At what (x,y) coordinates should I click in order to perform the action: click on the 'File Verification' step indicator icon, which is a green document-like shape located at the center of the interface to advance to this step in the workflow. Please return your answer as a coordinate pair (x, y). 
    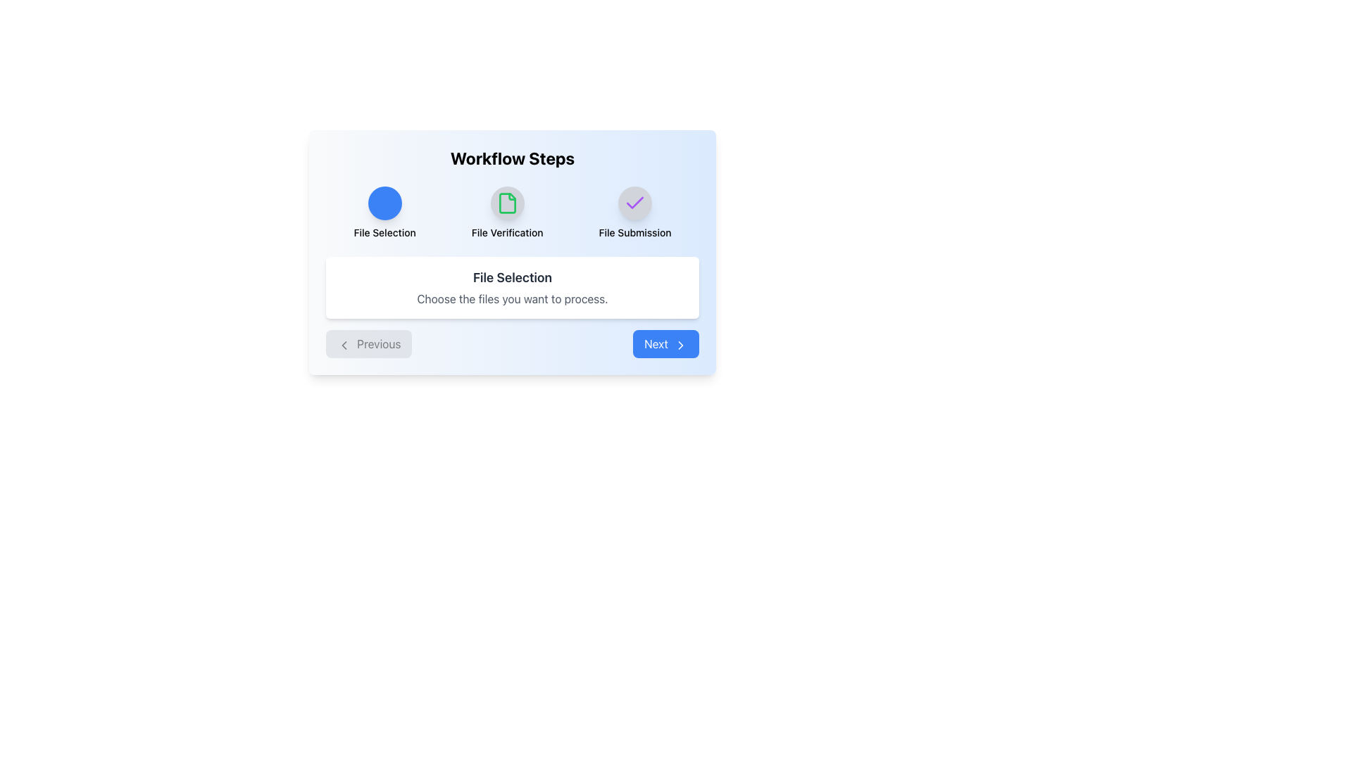
    Looking at the image, I should click on (507, 203).